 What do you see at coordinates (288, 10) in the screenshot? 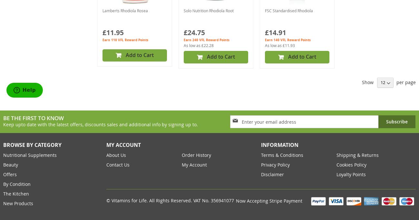
I see `'FSC Standardised Rhodiola'` at bounding box center [288, 10].